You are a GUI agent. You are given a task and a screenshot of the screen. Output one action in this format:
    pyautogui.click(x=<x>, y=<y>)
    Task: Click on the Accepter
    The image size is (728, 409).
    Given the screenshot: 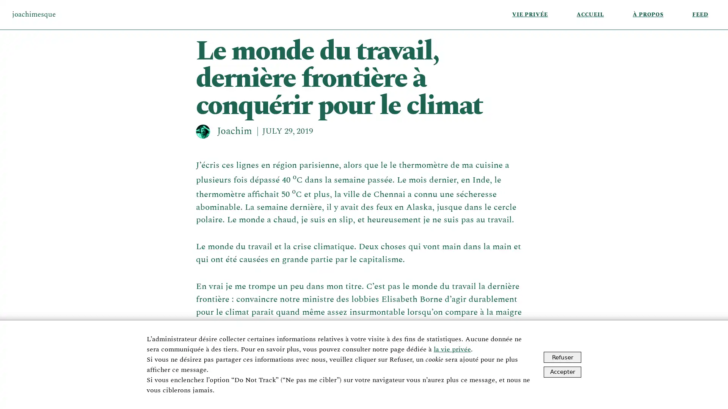 What is the action you would take?
    pyautogui.click(x=562, y=371)
    